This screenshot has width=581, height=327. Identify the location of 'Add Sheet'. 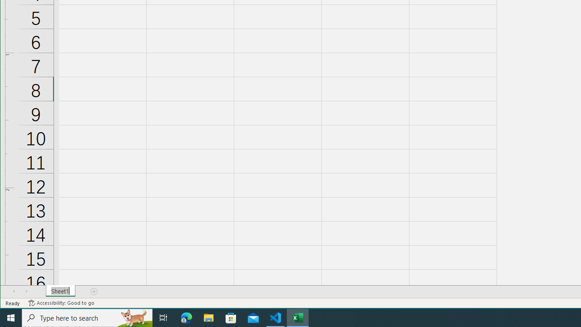
(94, 291).